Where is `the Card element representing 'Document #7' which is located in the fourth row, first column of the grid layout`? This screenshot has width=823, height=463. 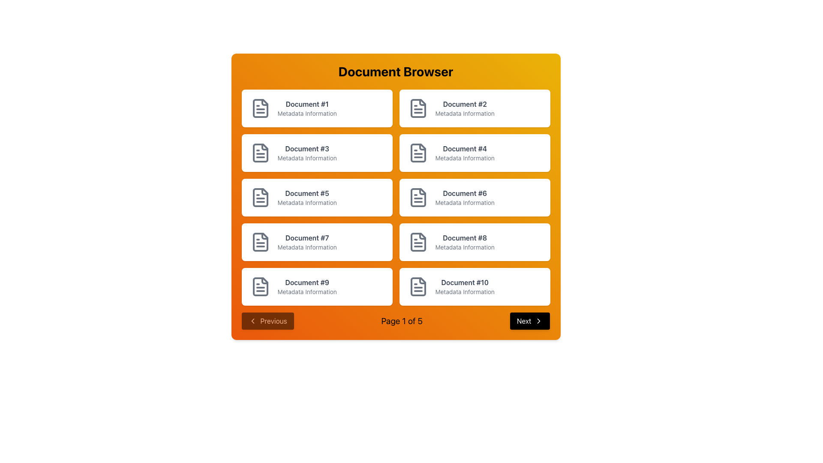
the Card element representing 'Document #7' which is located in the fourth row, first column of the grid layout is located at coordinates (316, 242).